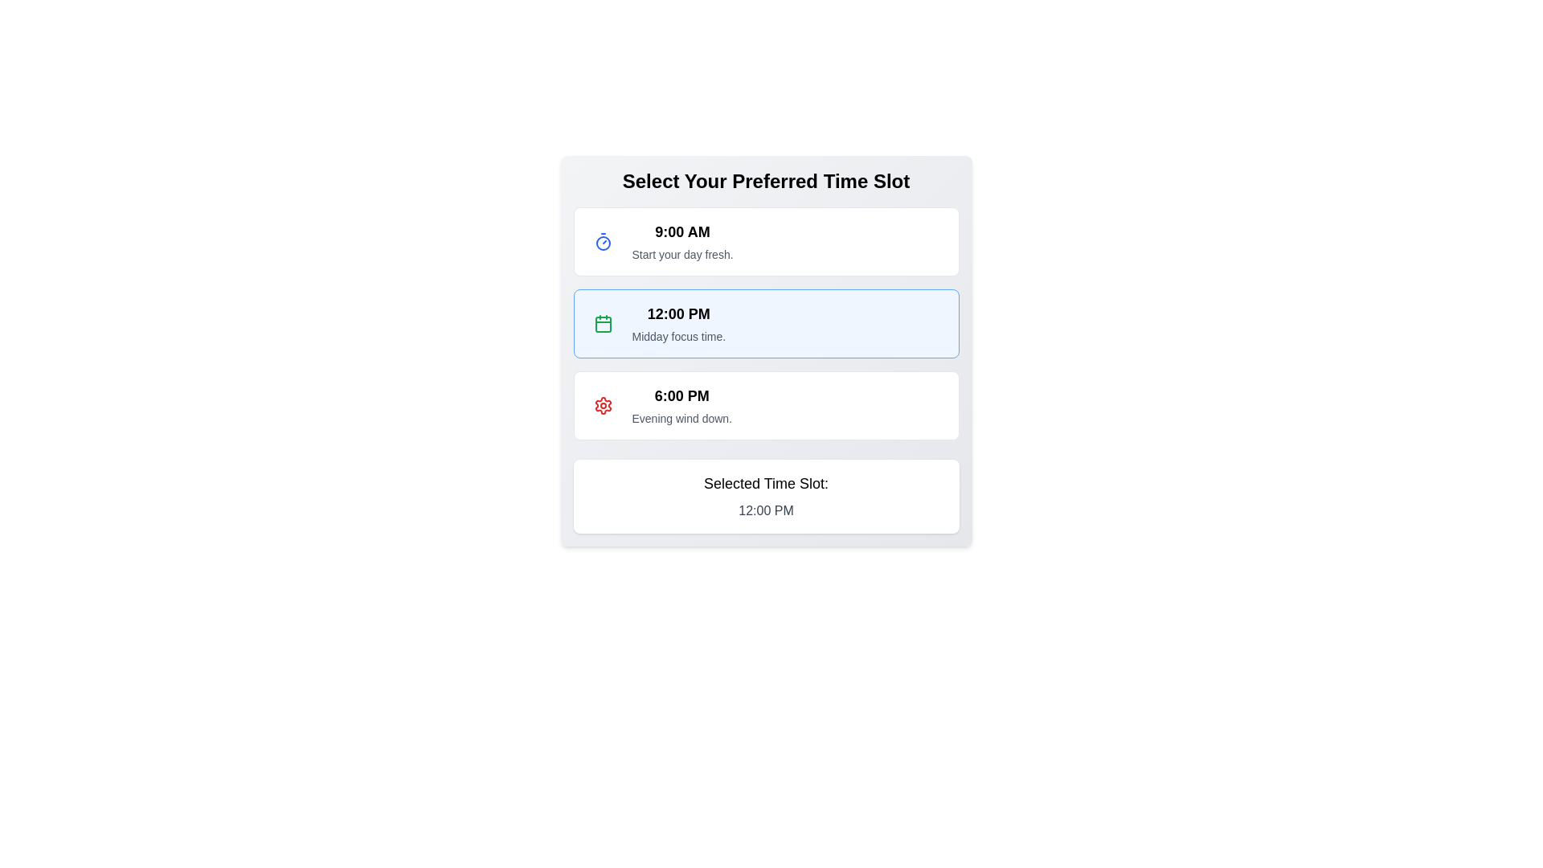 The height and width of the screenshot is (868, 1543). I want to click on the static text label displaying 'Selected Time Slot:' which is styled in a bold and medium font size, located above the time value '12:00 PM', so click(765, 482).